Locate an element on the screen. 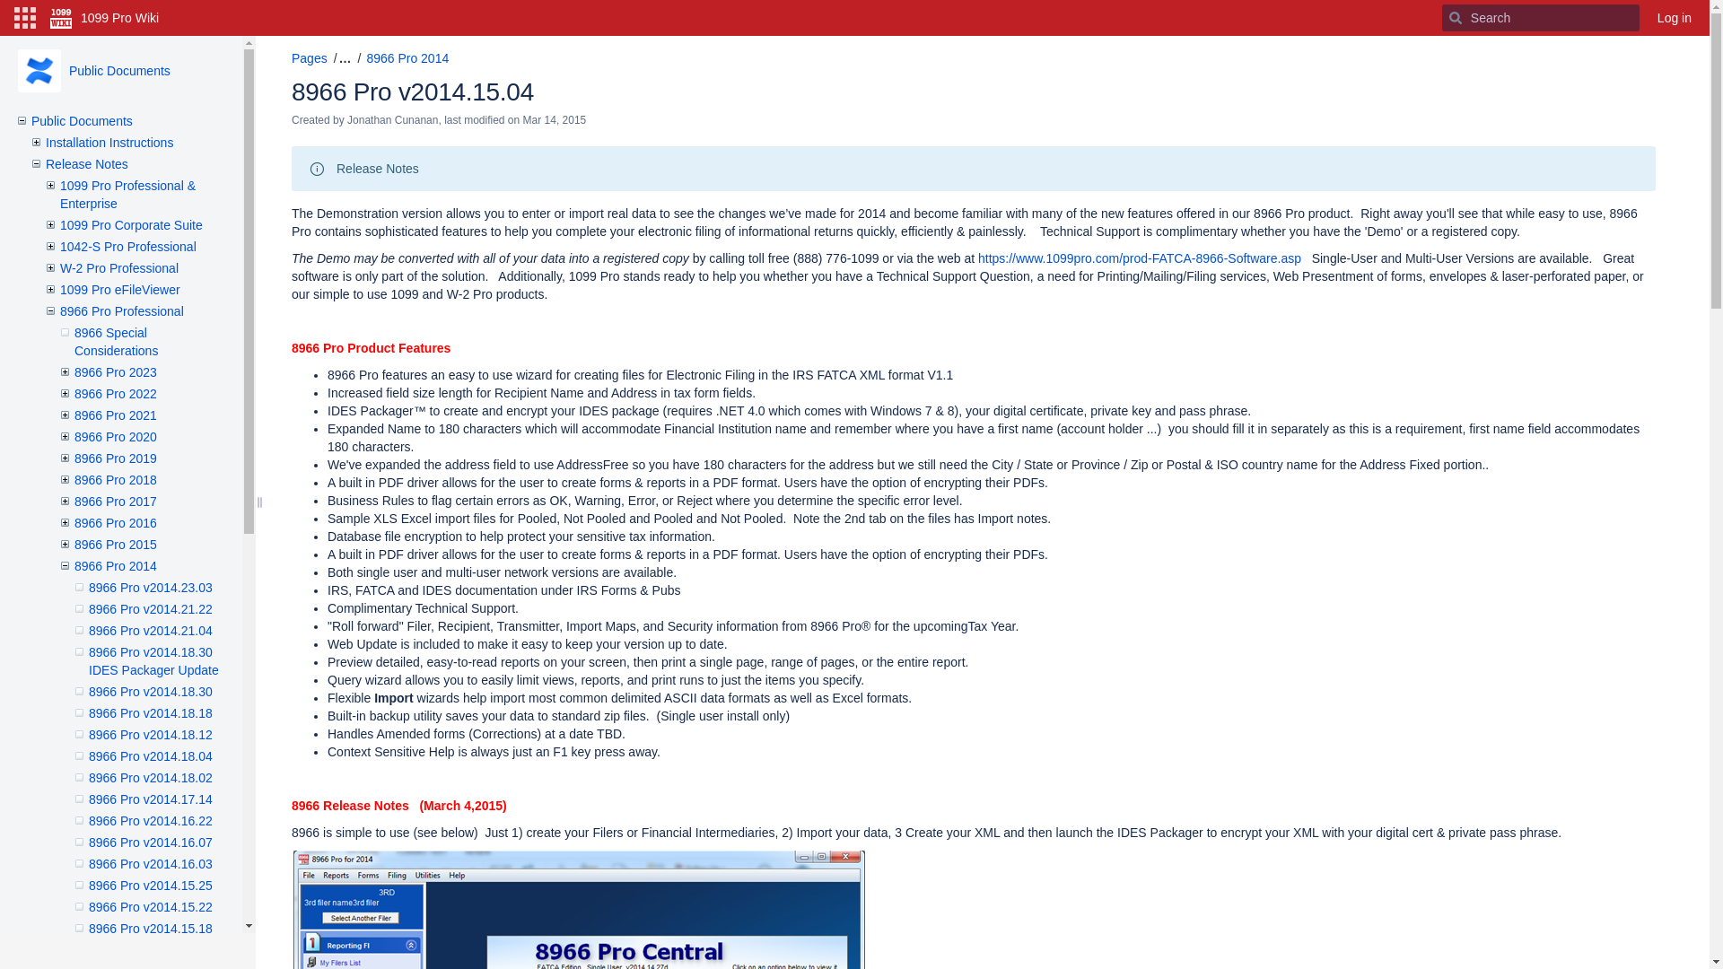 This screenshot has height=969, width=1723. 'Release Notes' is located at coordinates (46, 163).